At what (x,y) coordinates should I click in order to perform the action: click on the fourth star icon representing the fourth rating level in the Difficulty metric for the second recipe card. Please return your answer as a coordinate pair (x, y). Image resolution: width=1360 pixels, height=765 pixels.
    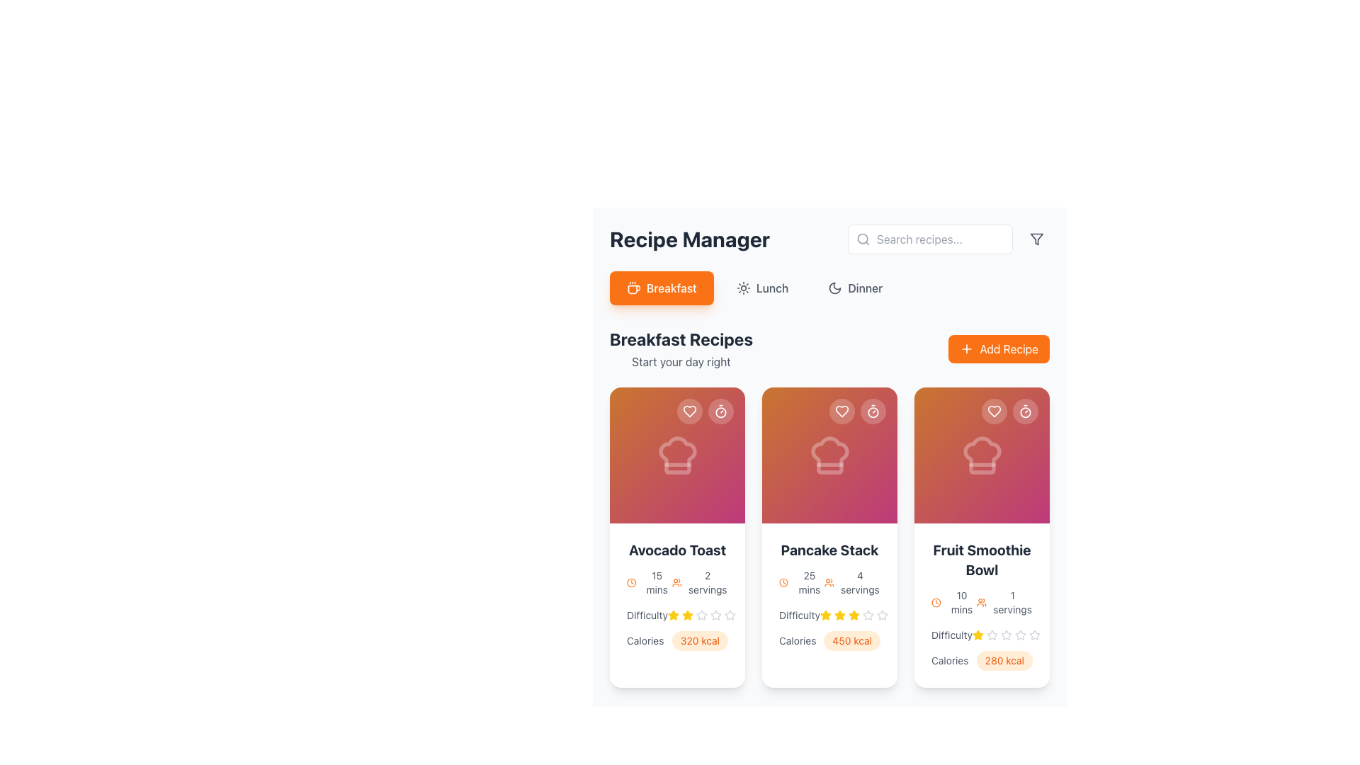
    Looking at the image, I should click on (853, 614).